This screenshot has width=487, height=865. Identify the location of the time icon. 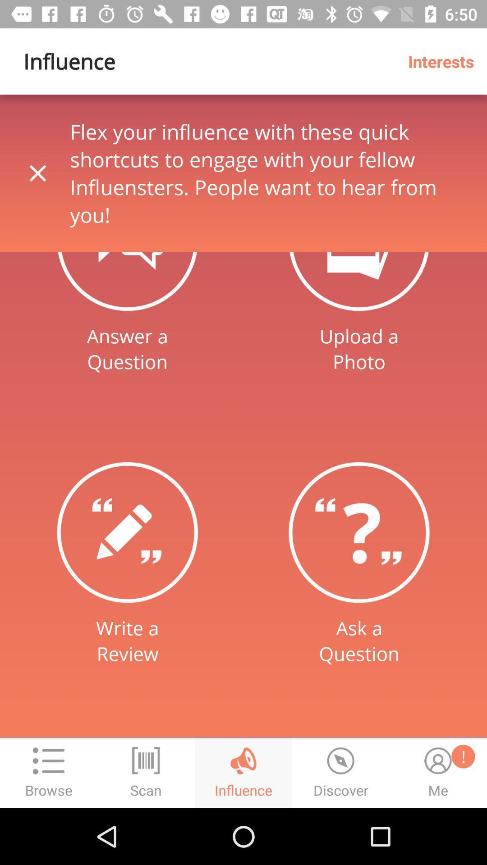
(341, 773).